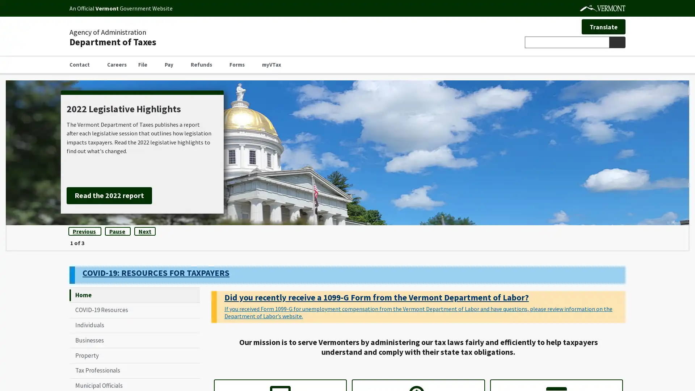 This screenshot has height=391, width=695. I want to click on Contact, so click(82, 64).